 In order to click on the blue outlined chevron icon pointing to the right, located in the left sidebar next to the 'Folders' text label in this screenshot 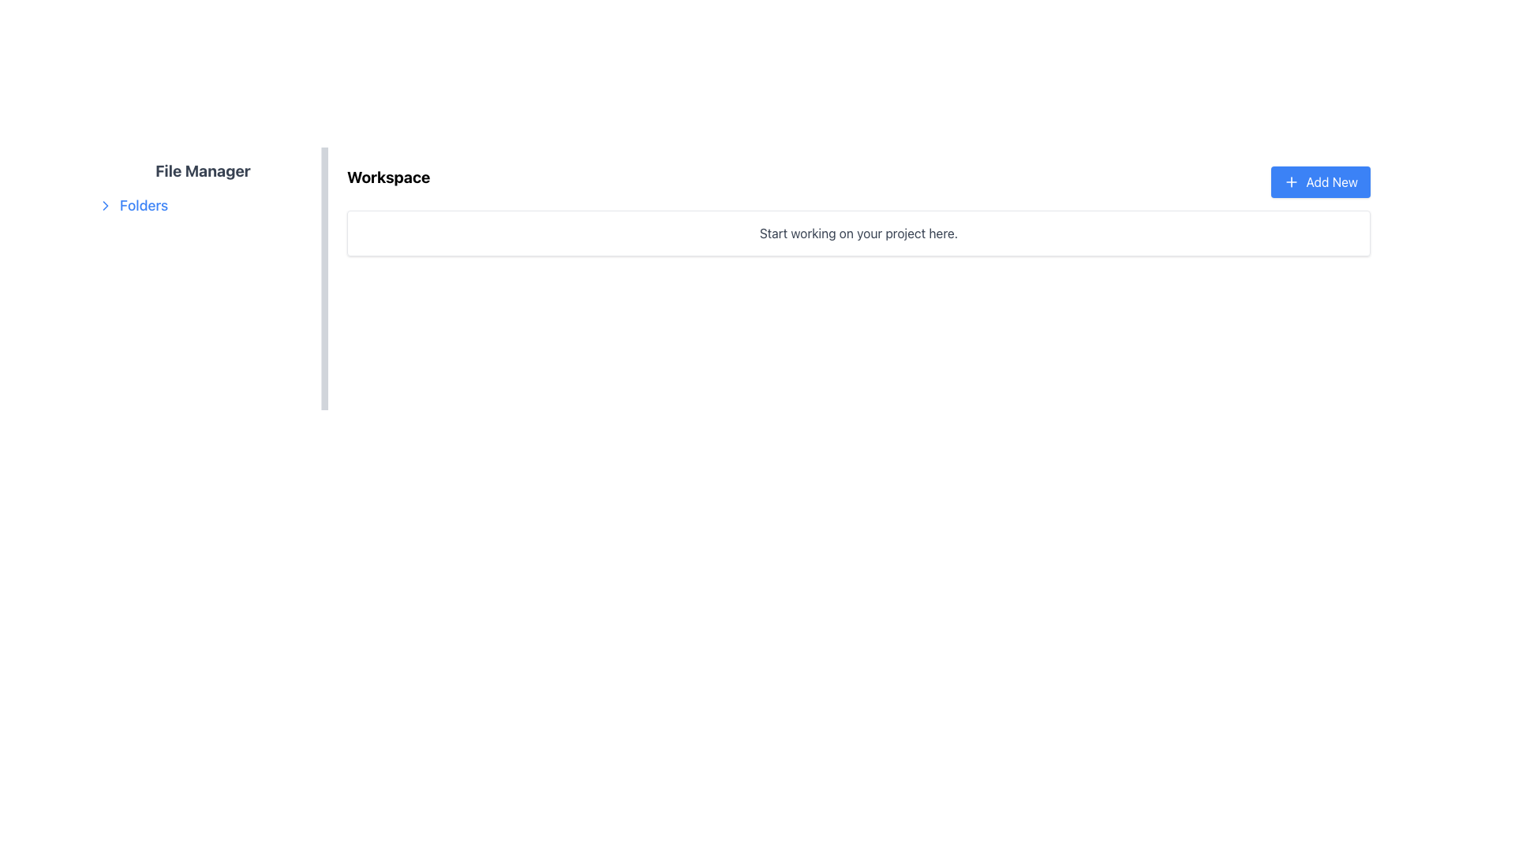, I will do `click(105, 205)`.